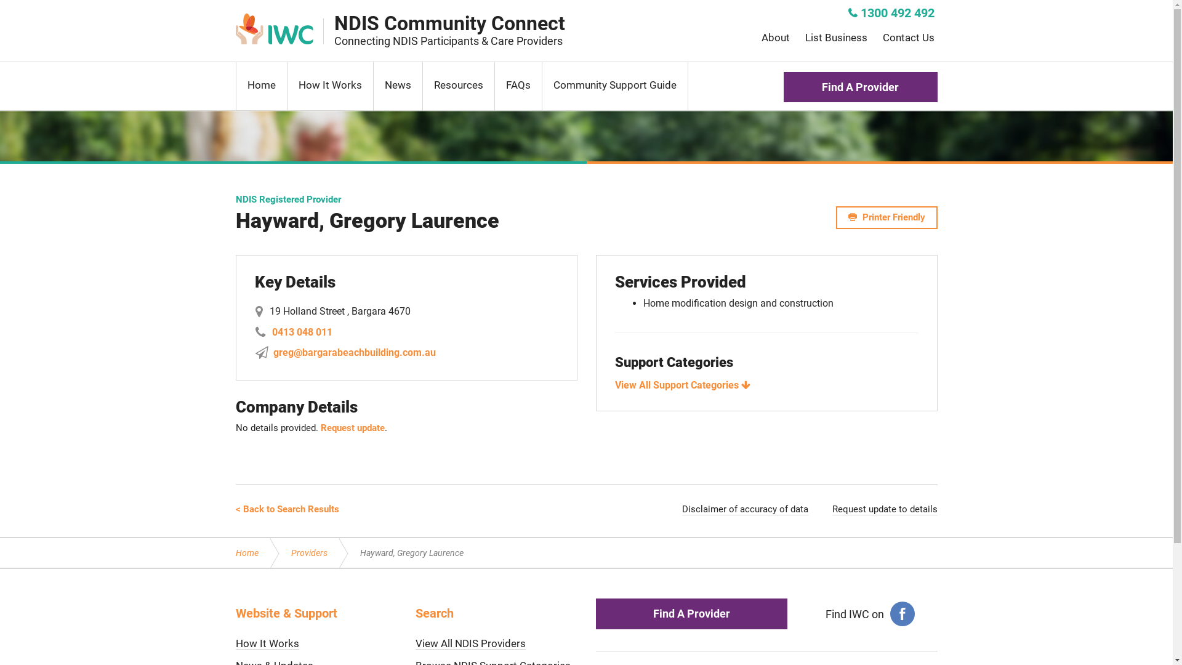 The height and width of the screenshot is (665, 1182). Describe the element at coordinates (518, 85) in the screenshot. I see `'FAQs'` at that location.